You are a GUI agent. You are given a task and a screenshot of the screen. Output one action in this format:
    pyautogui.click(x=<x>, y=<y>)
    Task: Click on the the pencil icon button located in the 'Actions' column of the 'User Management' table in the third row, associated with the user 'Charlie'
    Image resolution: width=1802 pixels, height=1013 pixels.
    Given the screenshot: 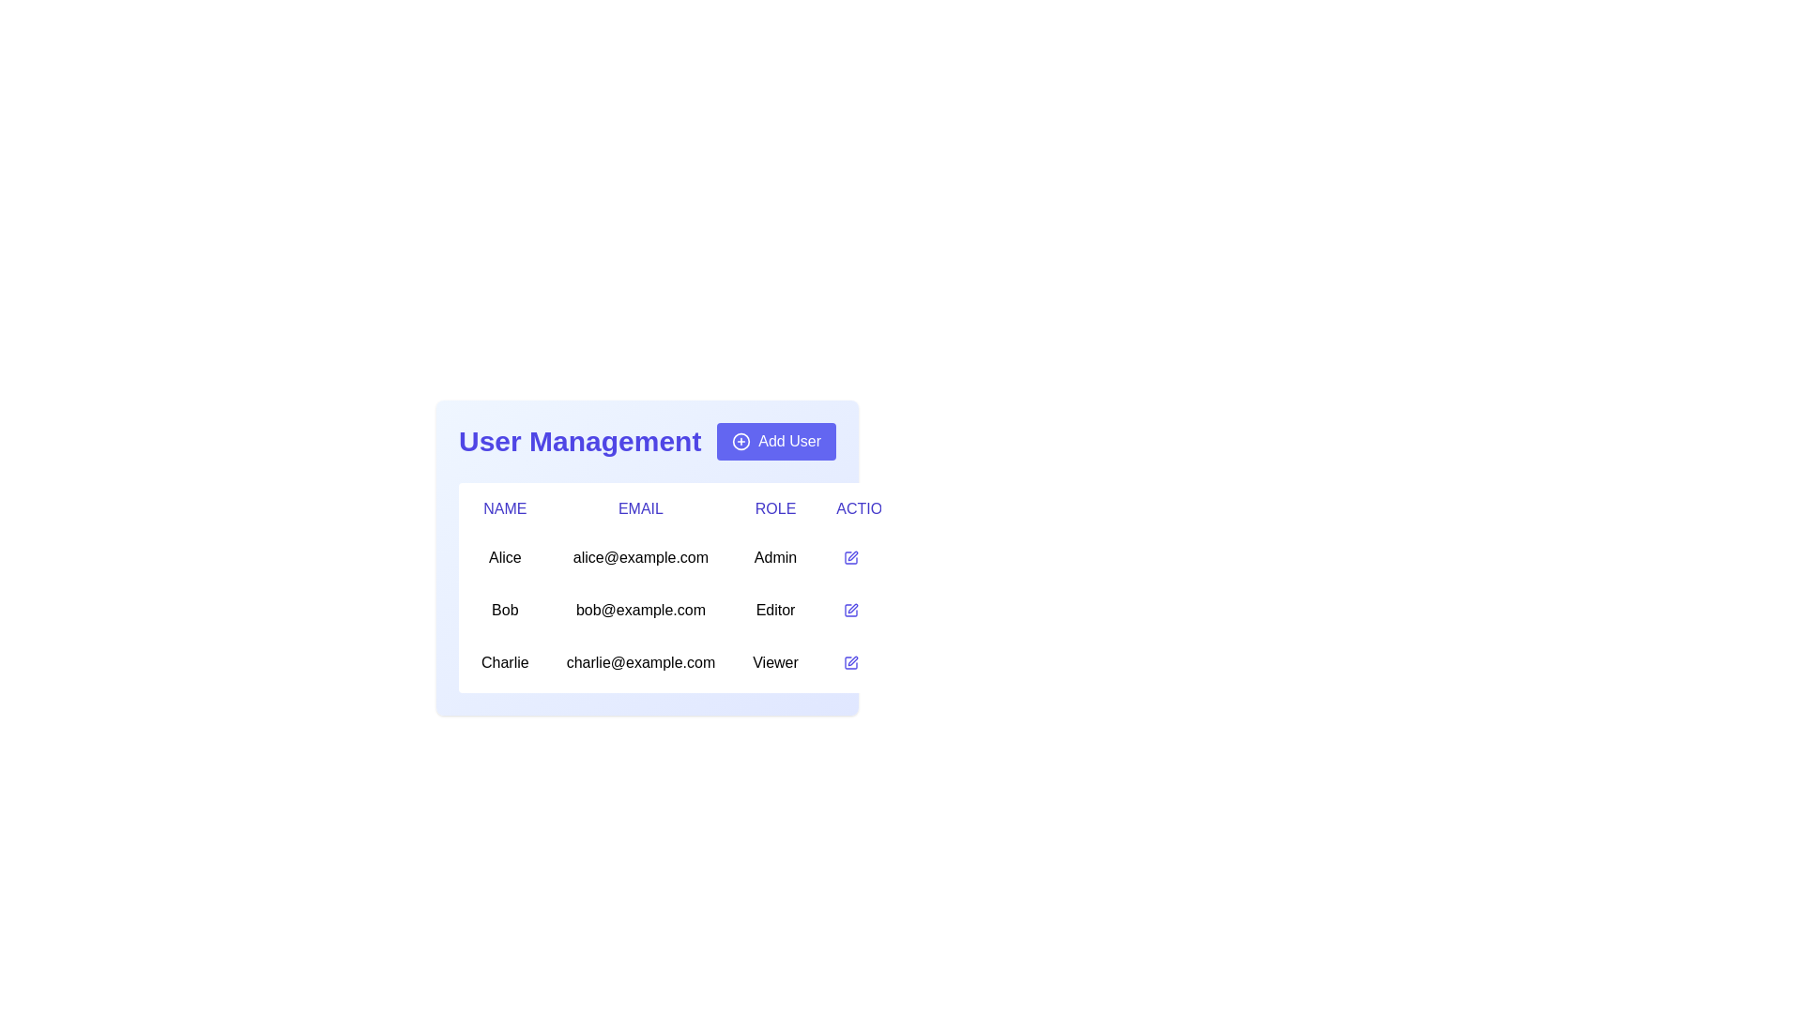 What is the action you would take?
    pyautogui.click(x=851, y=660)
    